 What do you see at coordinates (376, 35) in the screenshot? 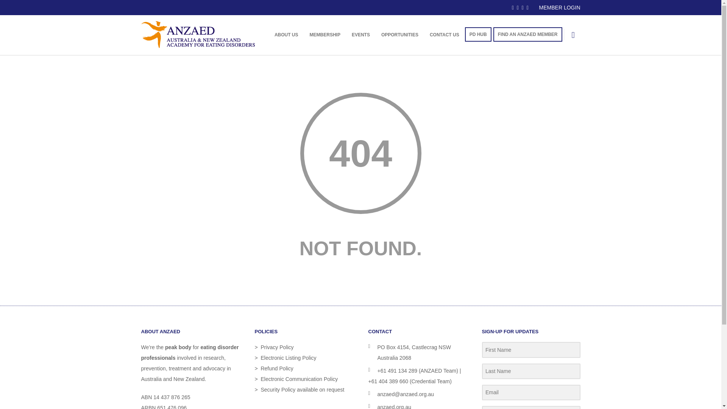
I see `'OPPORTUNITIES'` at bounding box center [376, 35].